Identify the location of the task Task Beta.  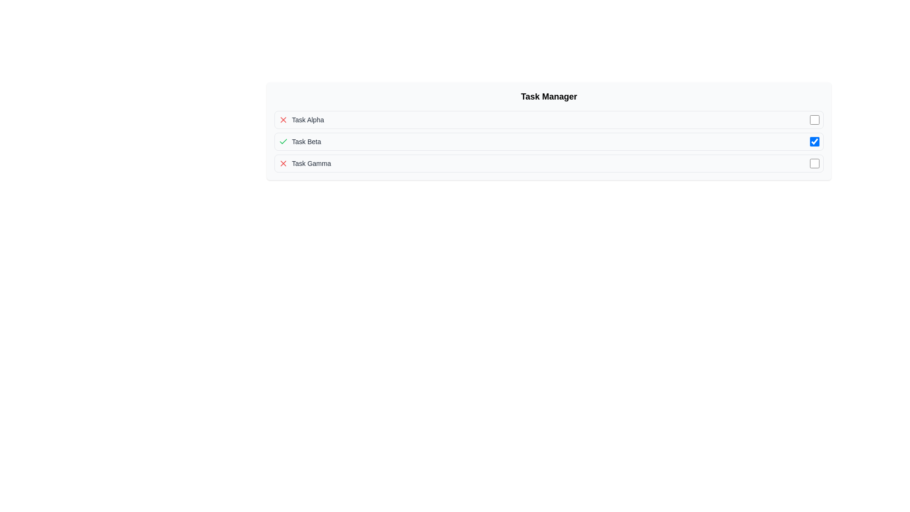
(549, 142).